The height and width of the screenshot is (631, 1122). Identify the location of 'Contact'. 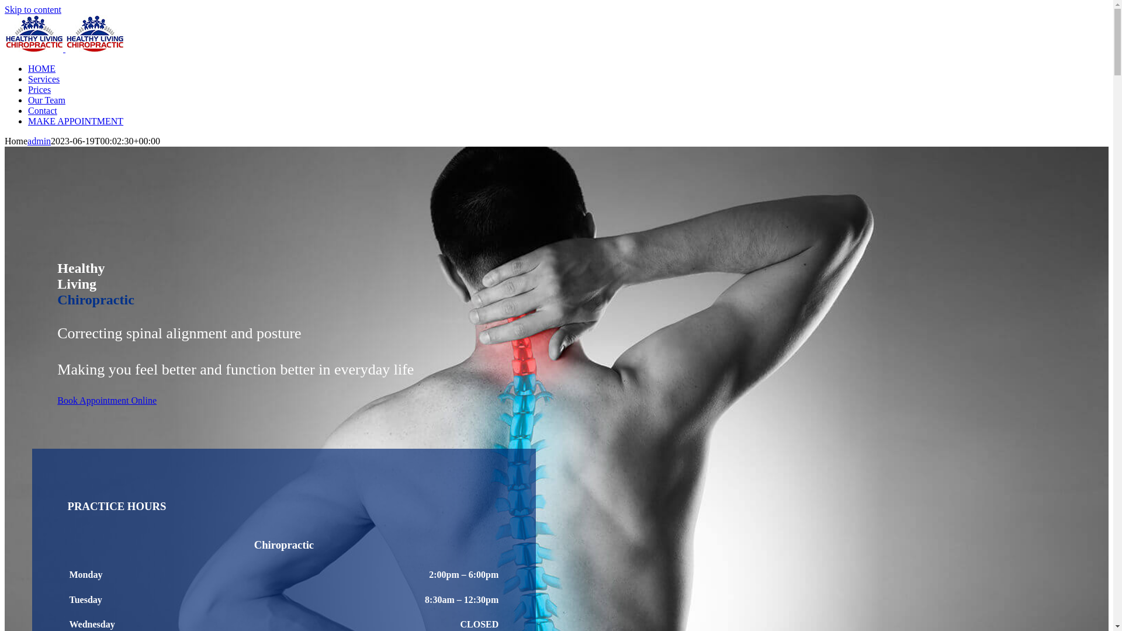
(42, 110).